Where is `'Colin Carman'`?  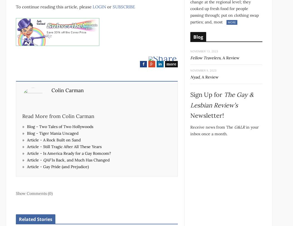
'Colin Carman' is located at coordinates (67, 90).